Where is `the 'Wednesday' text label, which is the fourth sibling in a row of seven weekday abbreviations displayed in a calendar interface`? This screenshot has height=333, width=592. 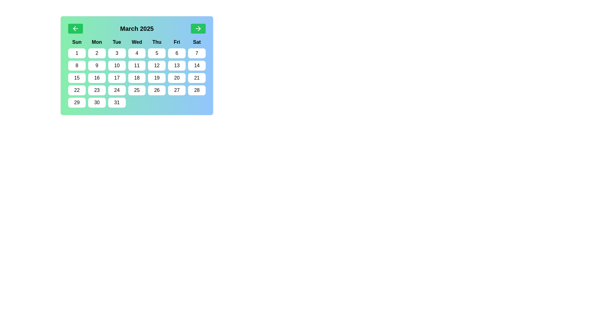
the 'Wednesday' text label, which is the fourth sibling in a row of seven weekday abbreviations displayed in a calendar interface is located at coordinates (136, 42).